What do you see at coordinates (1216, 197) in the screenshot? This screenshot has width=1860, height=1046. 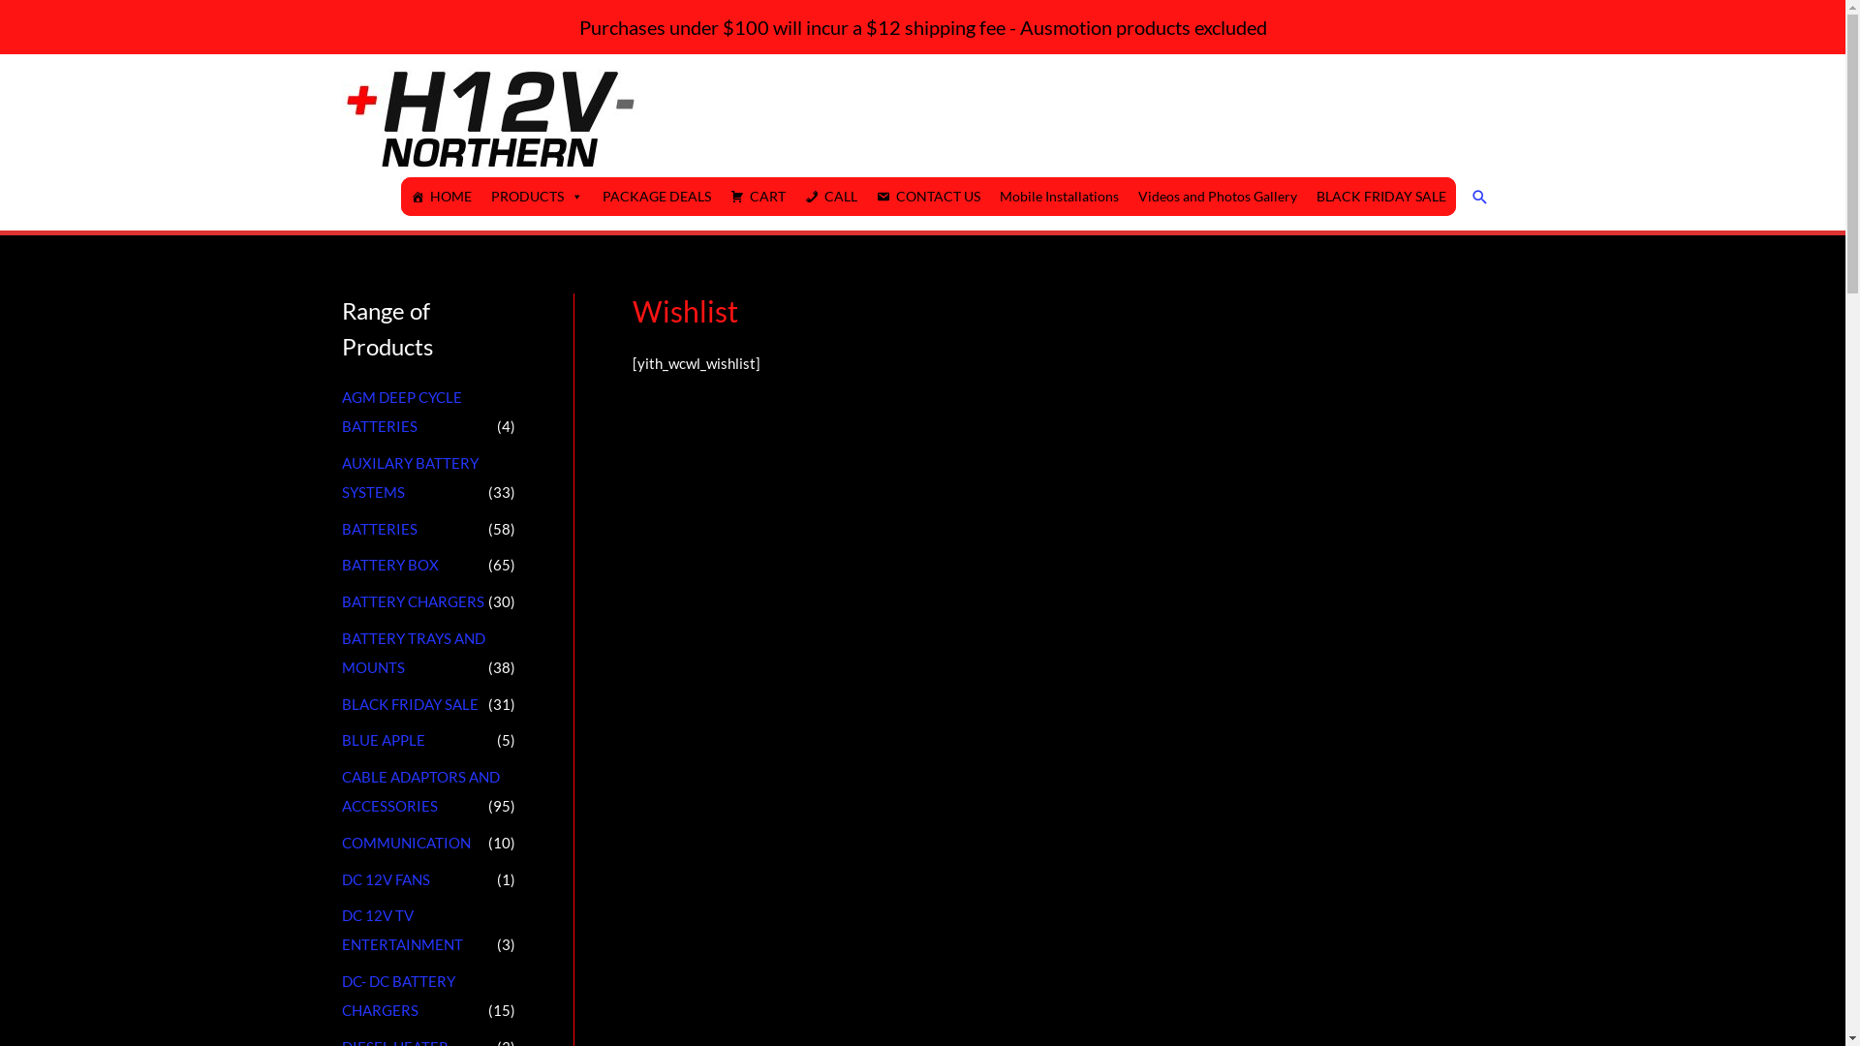 I see `'Videos and Photos Gallery'` at bounding box center [1216, 197].